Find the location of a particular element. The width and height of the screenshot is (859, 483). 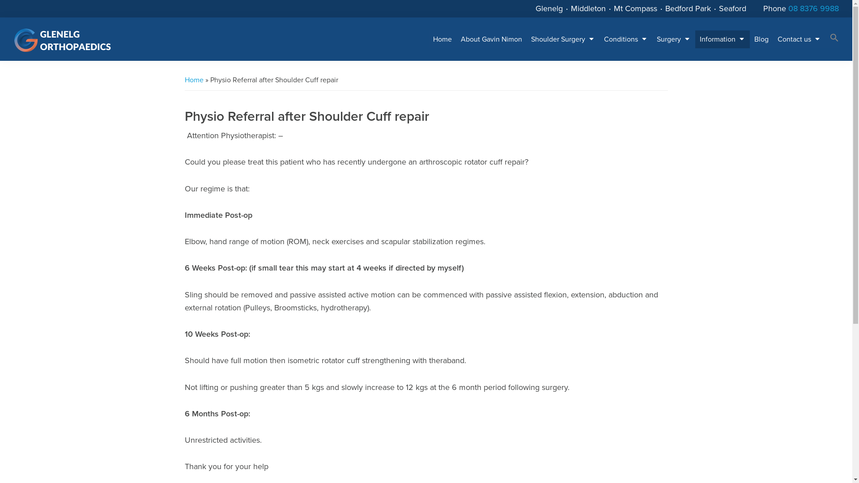

'Contact us' is located at coordinates (799, 39).